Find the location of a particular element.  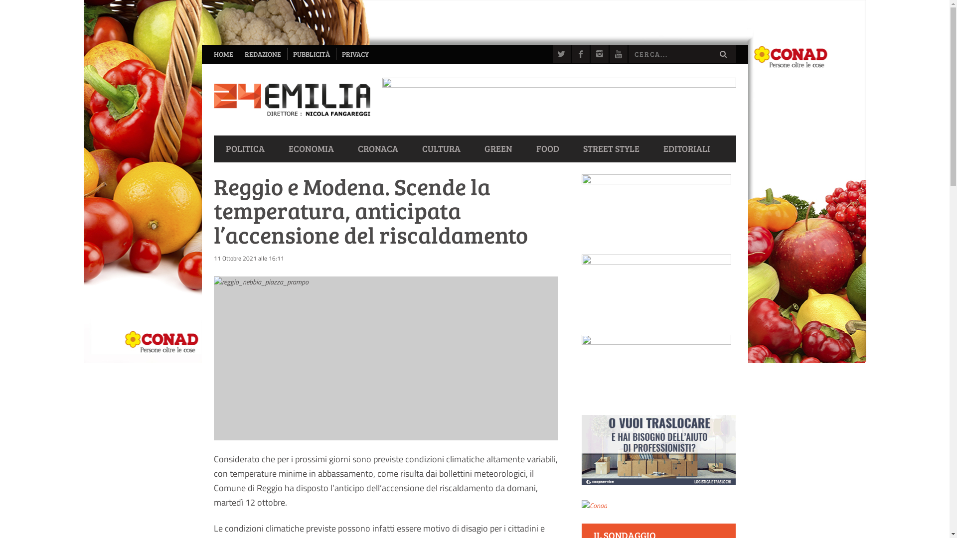

'PRIVACY' is located at coordinates (335, 54).